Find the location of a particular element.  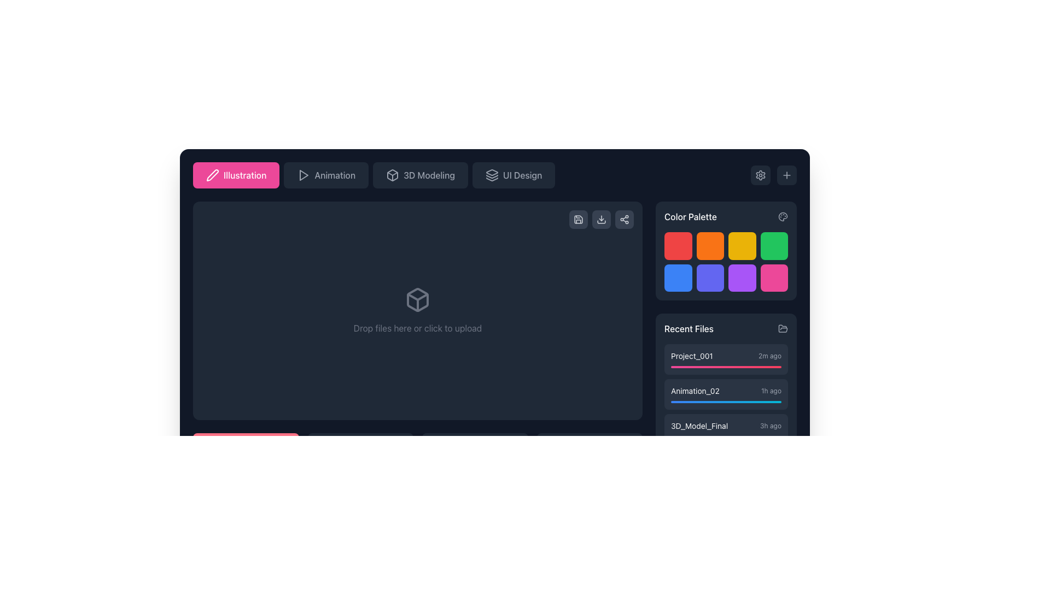

the pink color selection button located in the bottom-right corner of the color palette grid to activate the hover effect is located at coordinates (773, 277).